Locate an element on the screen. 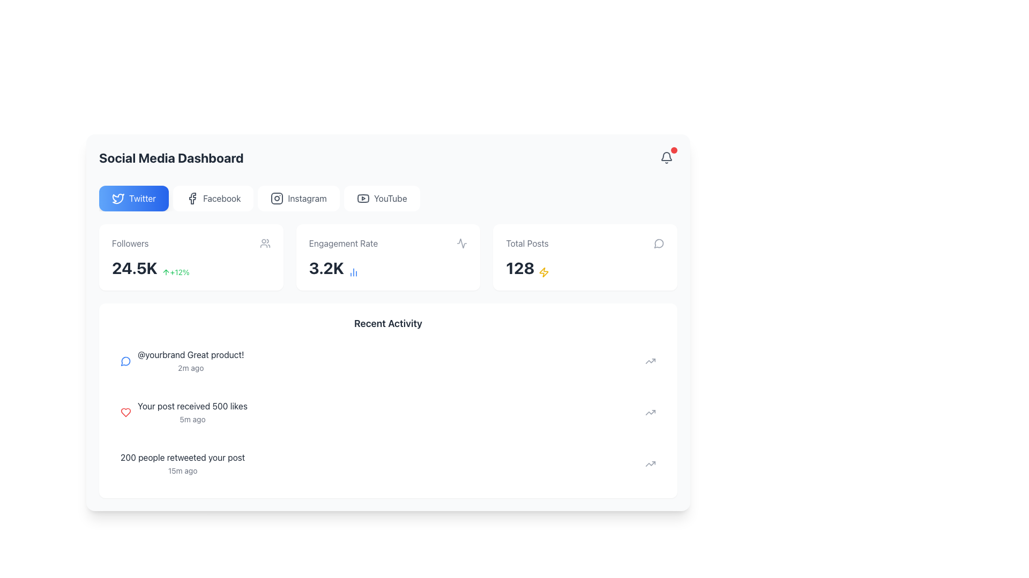  static label indicating the timestamp '5m ago' that shows the time since the associated action took place is located at coordinates (192, 419).